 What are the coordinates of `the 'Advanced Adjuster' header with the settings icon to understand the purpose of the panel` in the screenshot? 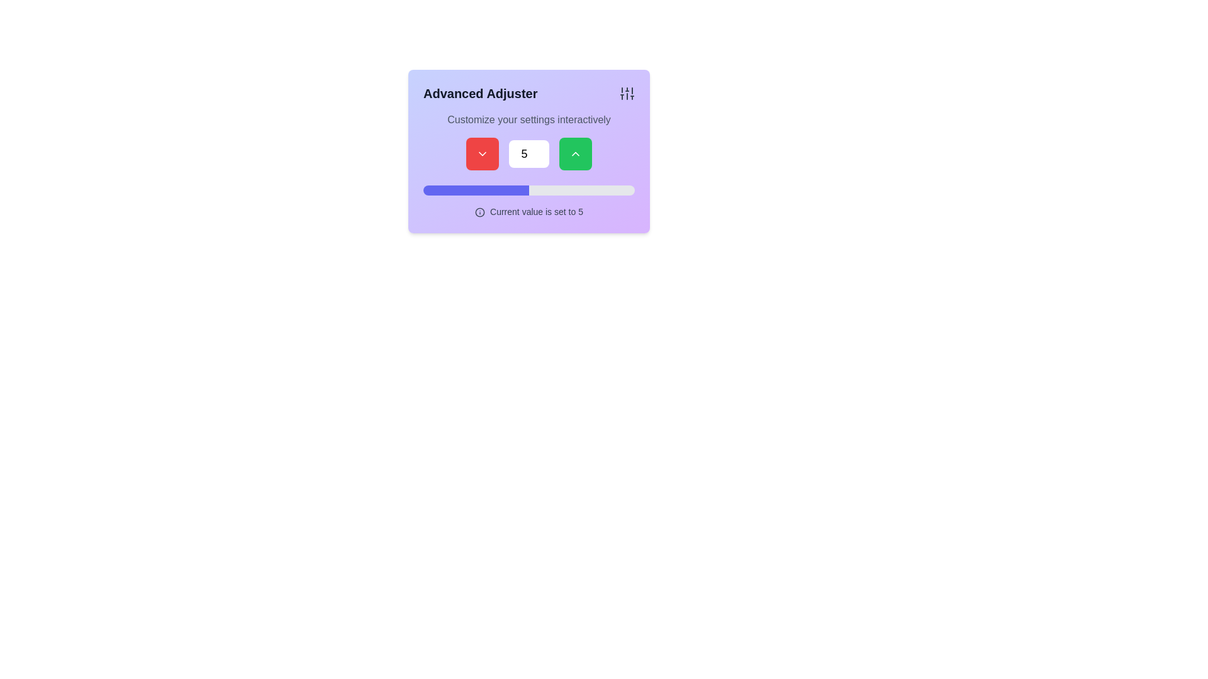 It's located at (528, 93).